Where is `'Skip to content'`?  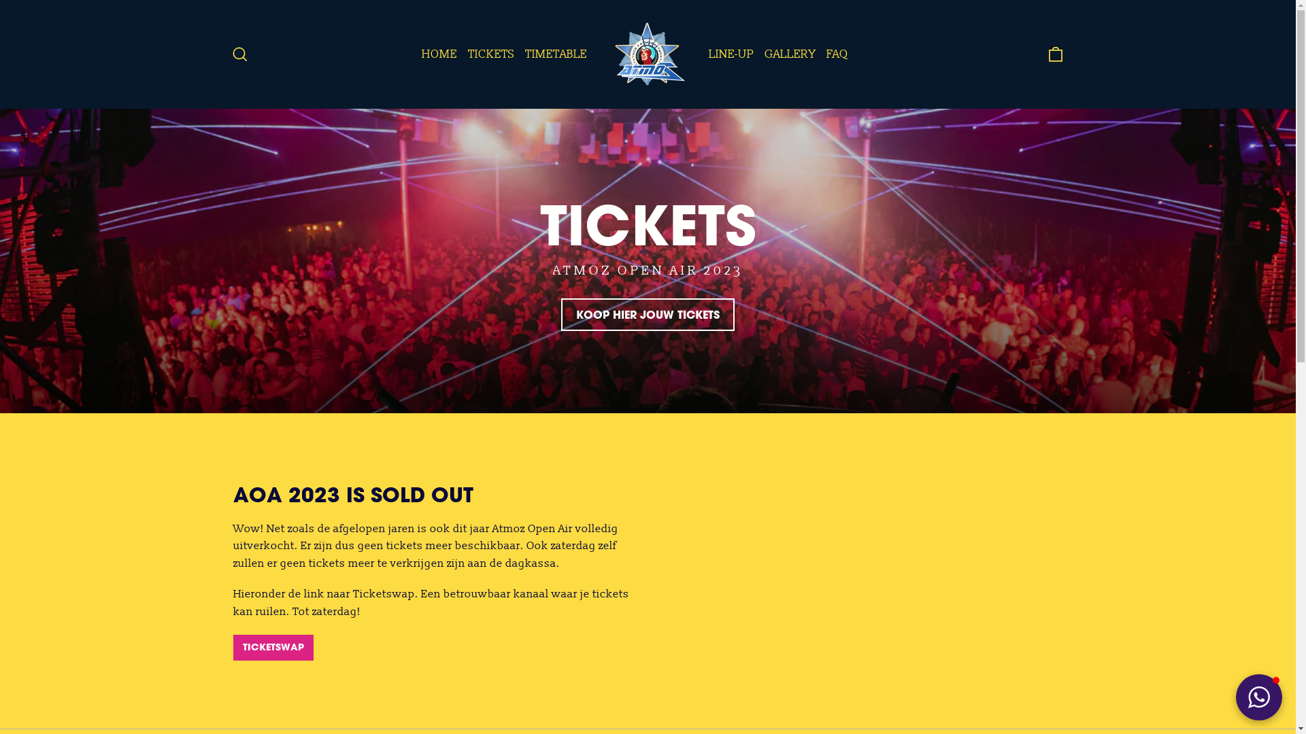 'Skip to content' is located at coordinates (0, 0).